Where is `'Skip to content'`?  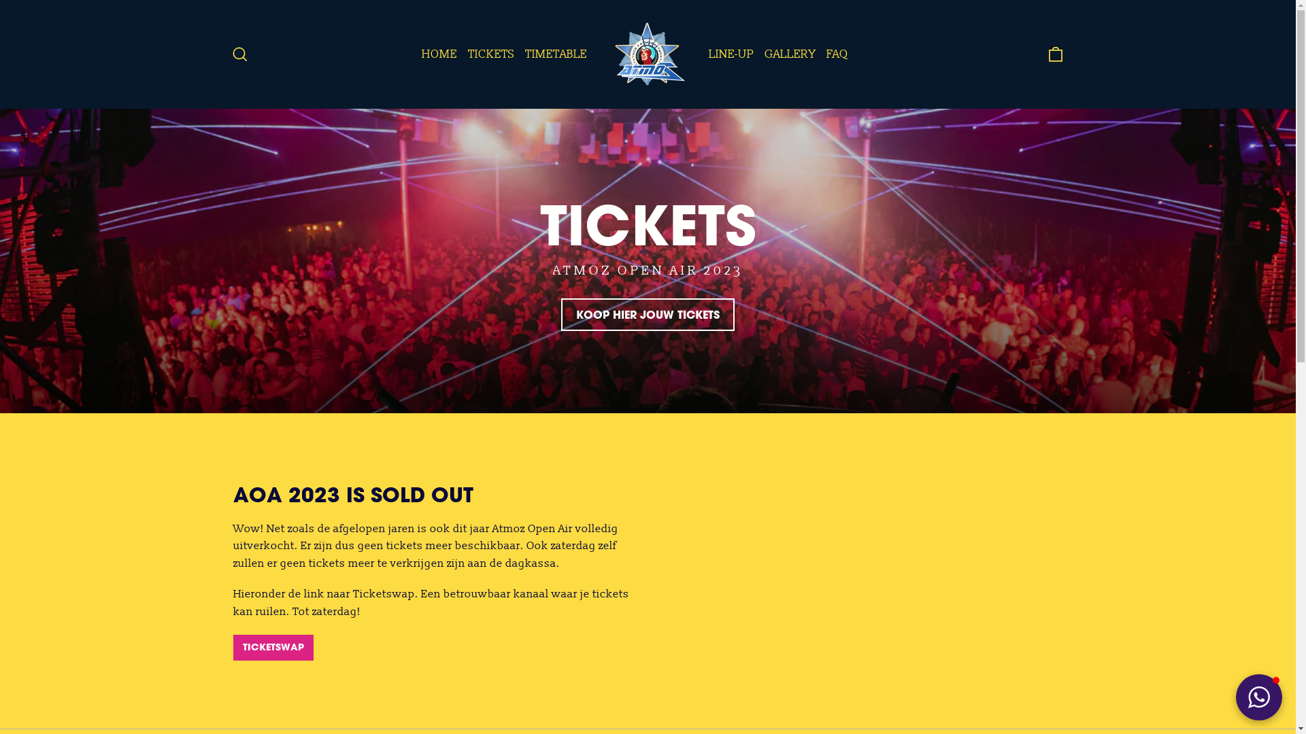 'Skip to content' is located at coordinates (0, 0).